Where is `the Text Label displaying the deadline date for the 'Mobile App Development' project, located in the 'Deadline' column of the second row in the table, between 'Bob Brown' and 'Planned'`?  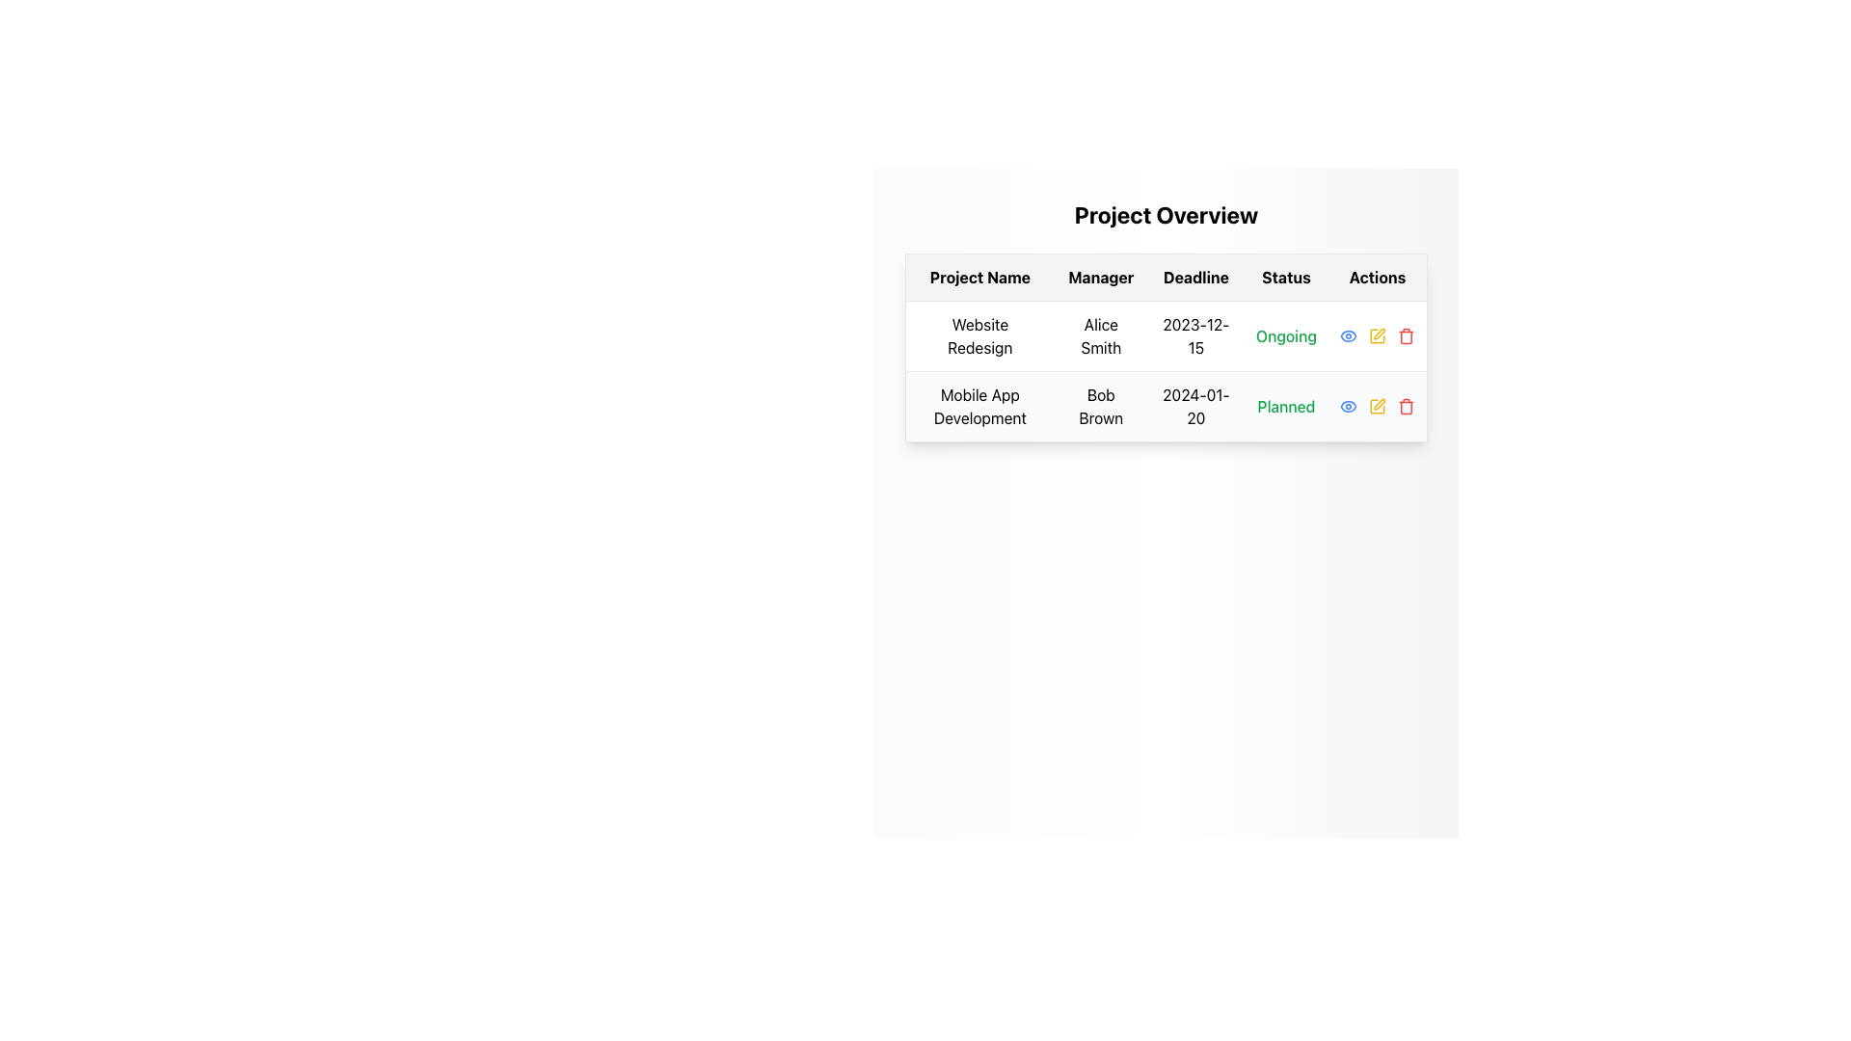
the Text Label displaying the deadline date for the 'Mobile App Development' project, located in the 'Deadline' column of the second row in the table, between 'Bob Brown' and 'Planned' is located at coordinates (1194, 405).